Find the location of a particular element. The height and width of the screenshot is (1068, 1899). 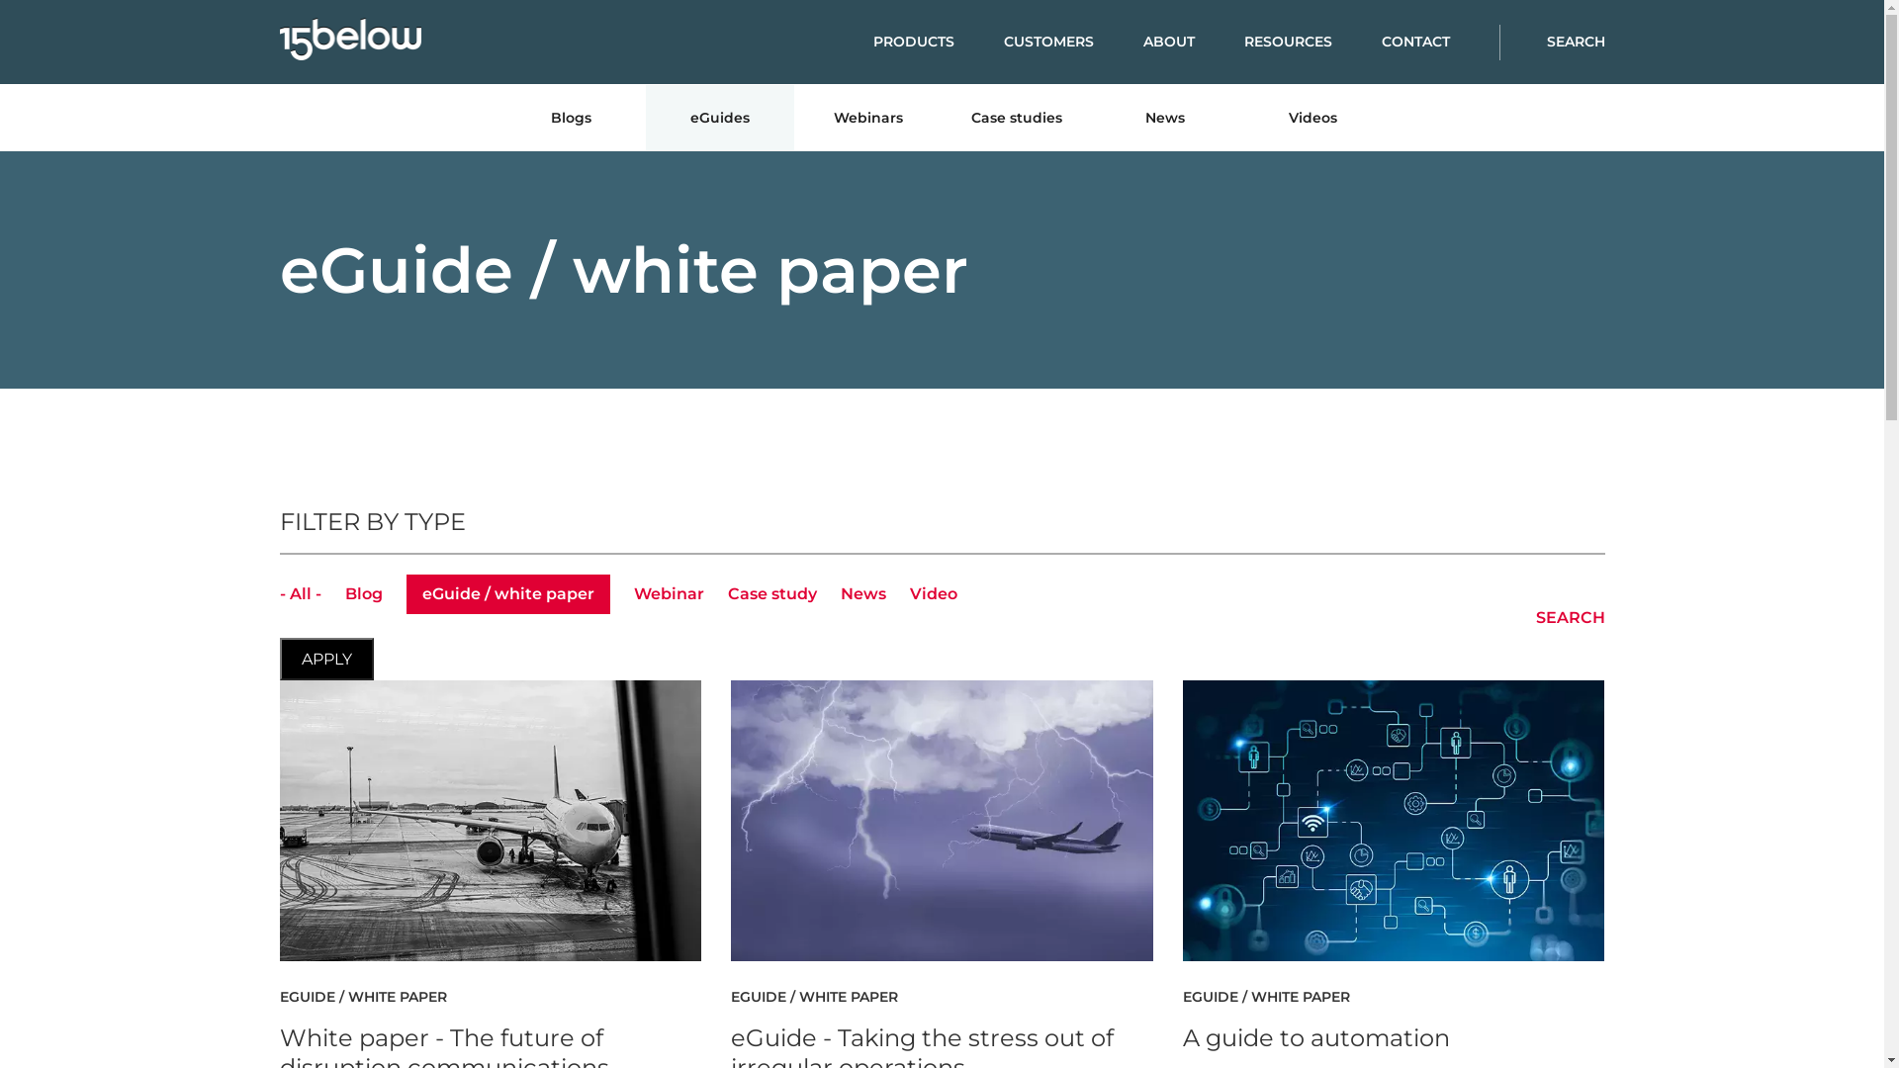

'CUSTOMERS' is located at coordinates (1071, 42).